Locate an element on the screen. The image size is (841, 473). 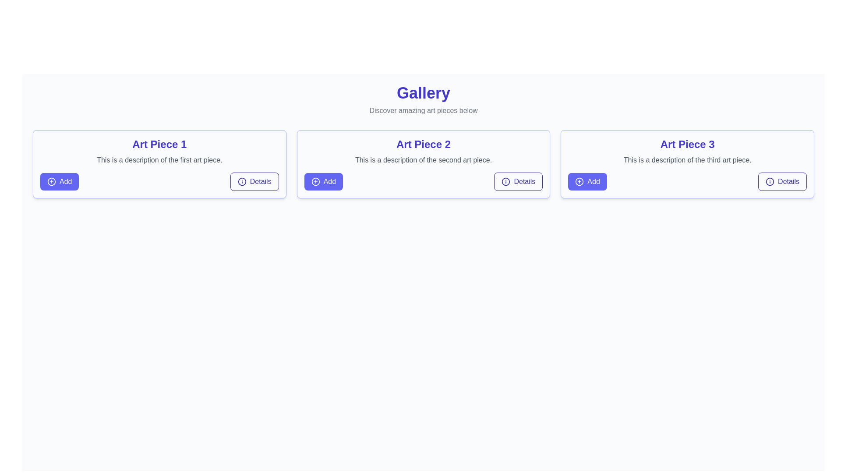
the informational card for 'Art Piece 2', which is the second card in a three-column grid layout, positioned between 'Art Piece 1' and 'Art Piece 3' is located at coordinates (423, 164).